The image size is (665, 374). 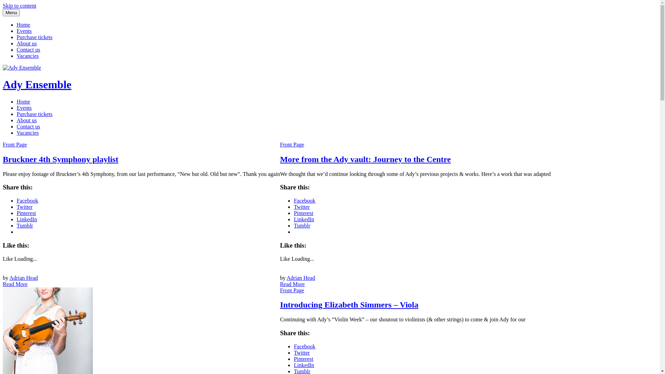 I want to click on 'Twitter', so click(x=301, y=353).